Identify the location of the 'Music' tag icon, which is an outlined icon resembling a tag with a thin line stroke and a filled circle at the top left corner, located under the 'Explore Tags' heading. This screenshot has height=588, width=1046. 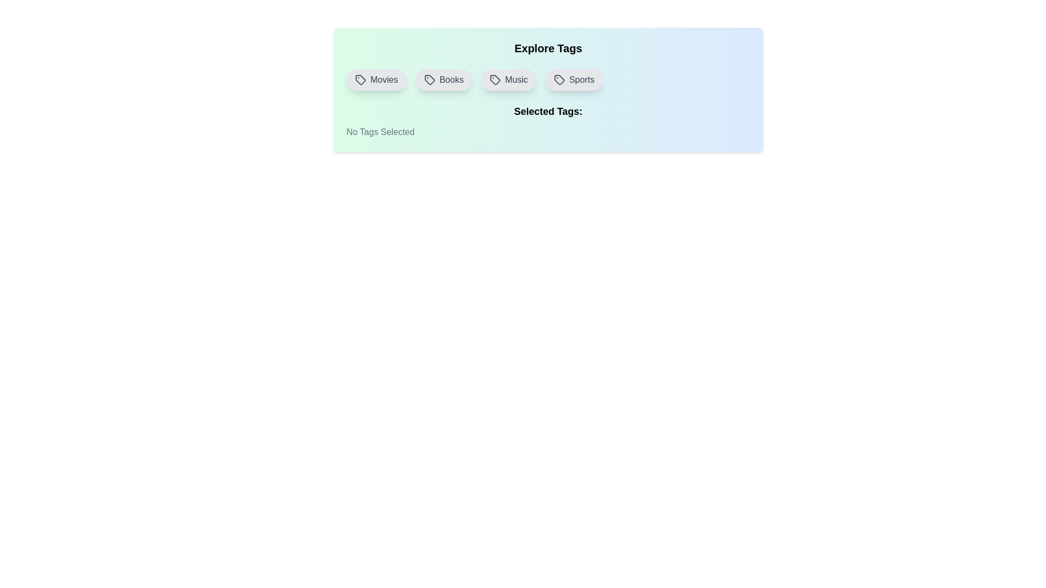
(495, 79).